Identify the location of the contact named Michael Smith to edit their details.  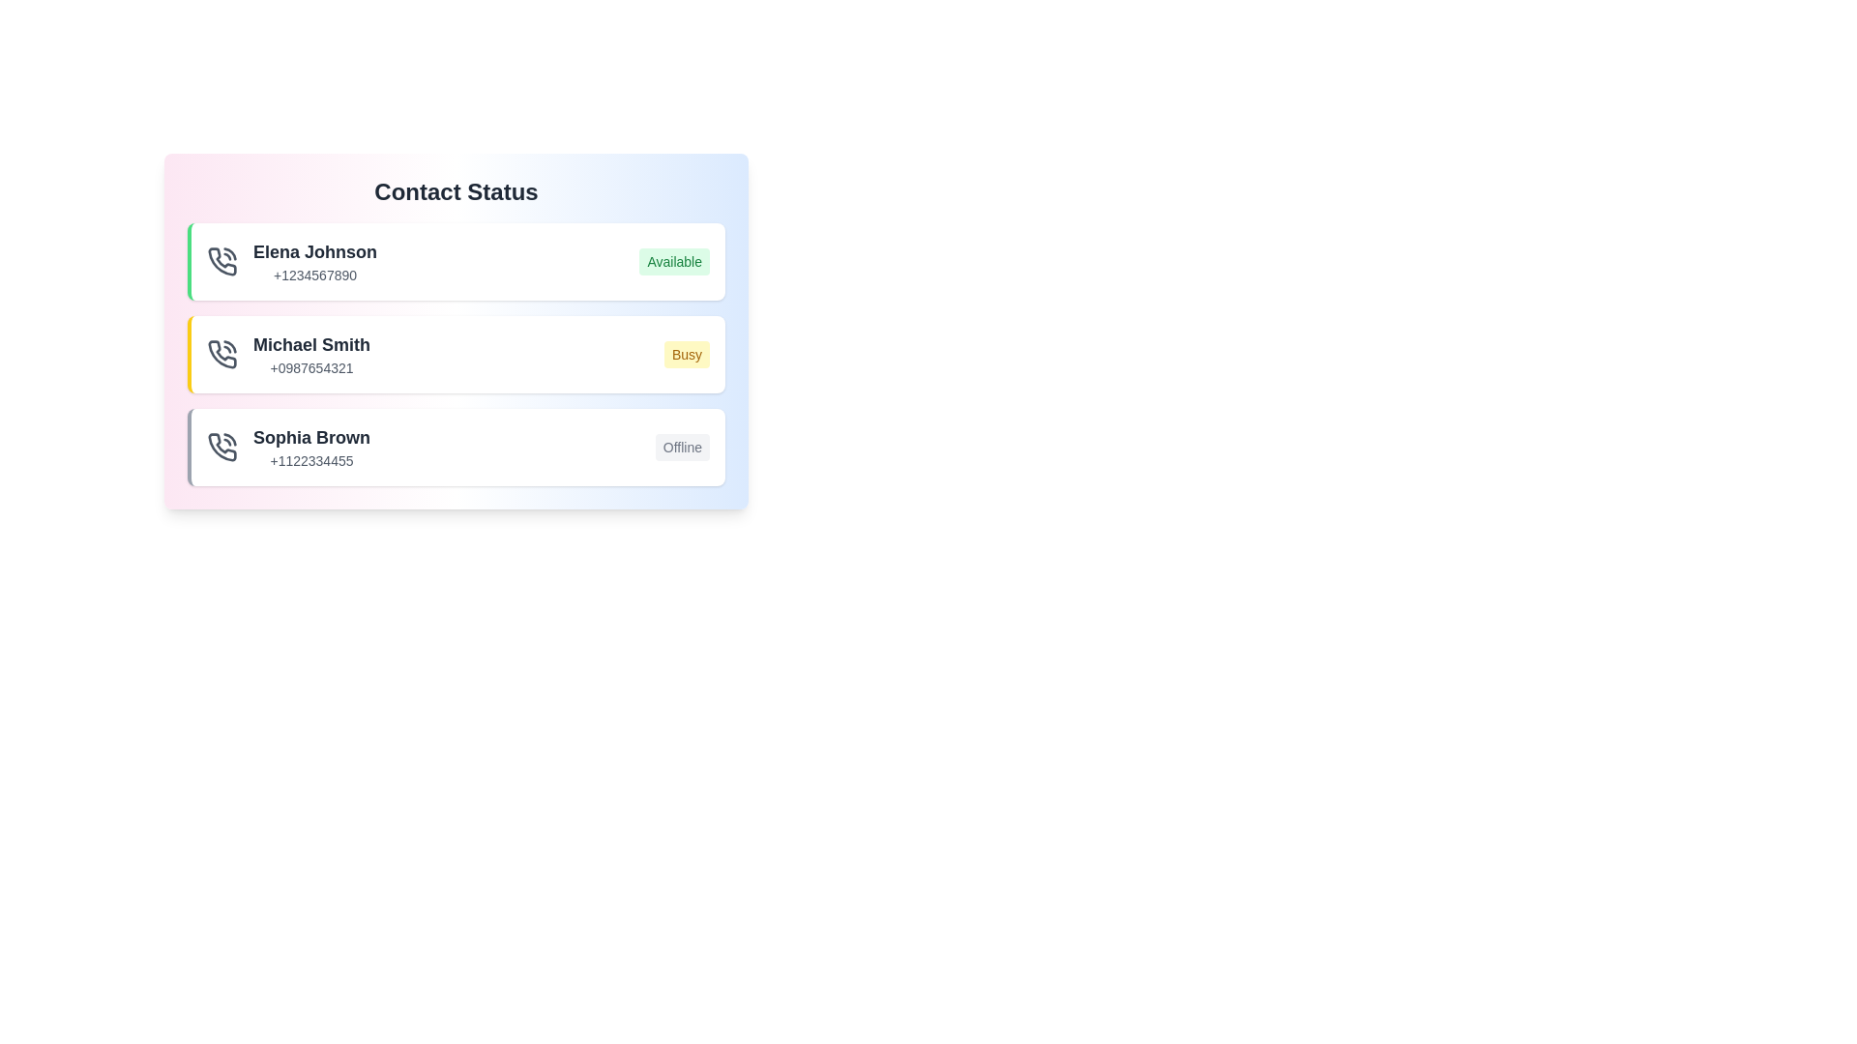
(455, 354).